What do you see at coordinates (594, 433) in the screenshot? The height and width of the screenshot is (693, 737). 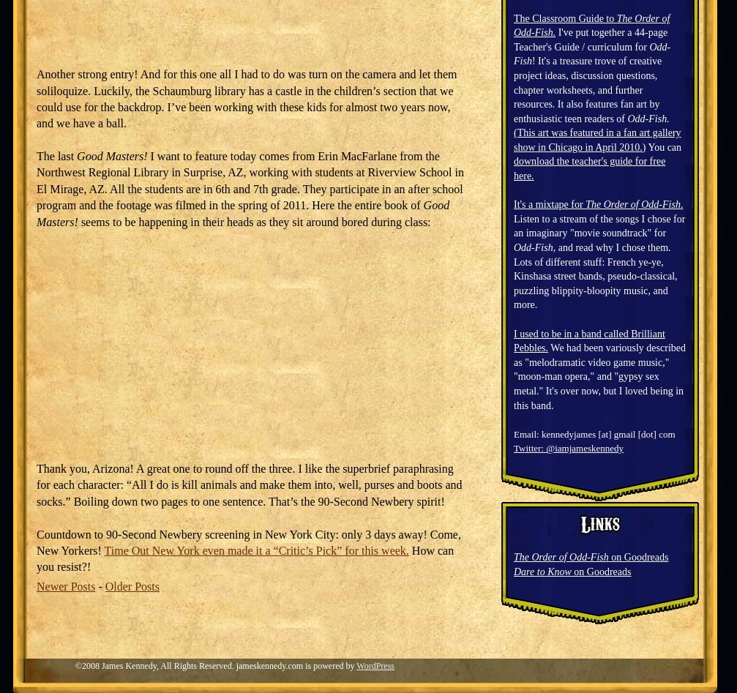 I see `'Email: kennedyjames [at] gmail [dot] com'` at bounding box center [594, 433].